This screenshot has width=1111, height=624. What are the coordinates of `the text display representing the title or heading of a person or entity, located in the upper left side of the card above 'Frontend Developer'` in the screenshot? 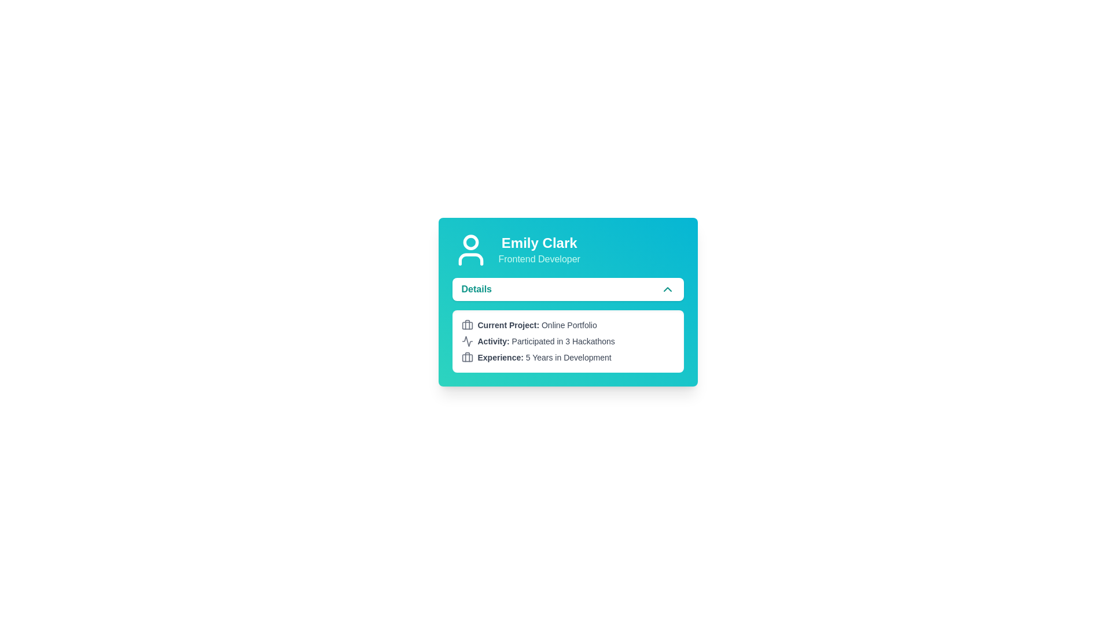 It's located at (539, 242).